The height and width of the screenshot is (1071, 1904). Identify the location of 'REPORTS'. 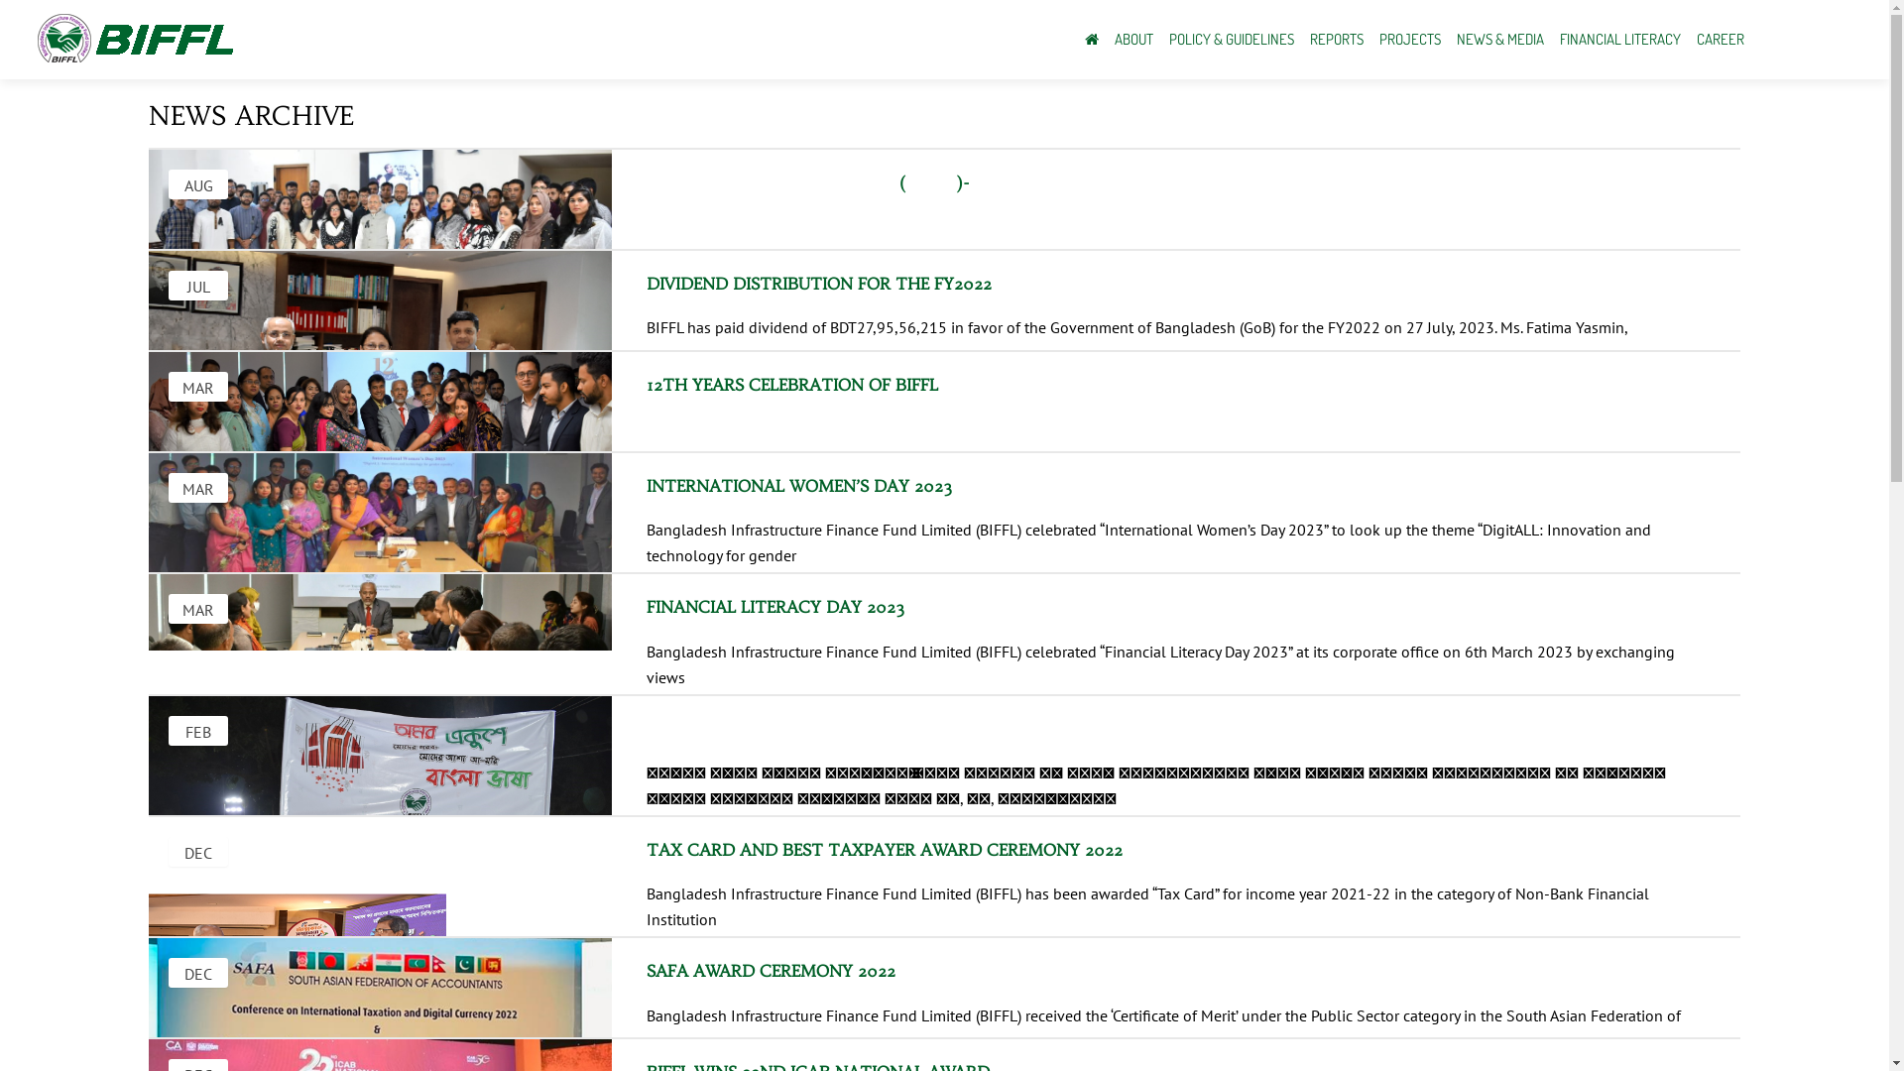
(1302, 39).